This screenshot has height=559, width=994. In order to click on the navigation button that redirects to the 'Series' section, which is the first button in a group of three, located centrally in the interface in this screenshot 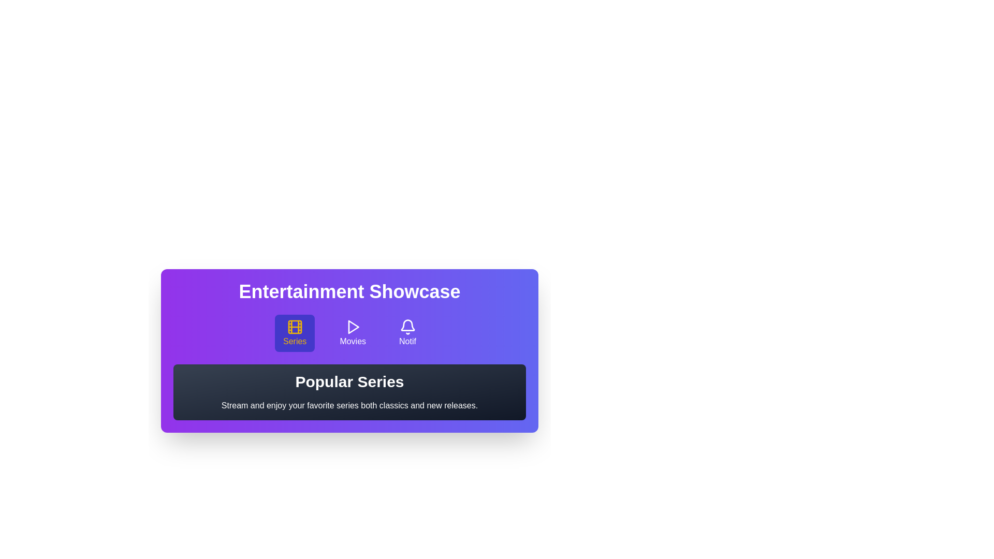, I will do `click(294, 333)`.